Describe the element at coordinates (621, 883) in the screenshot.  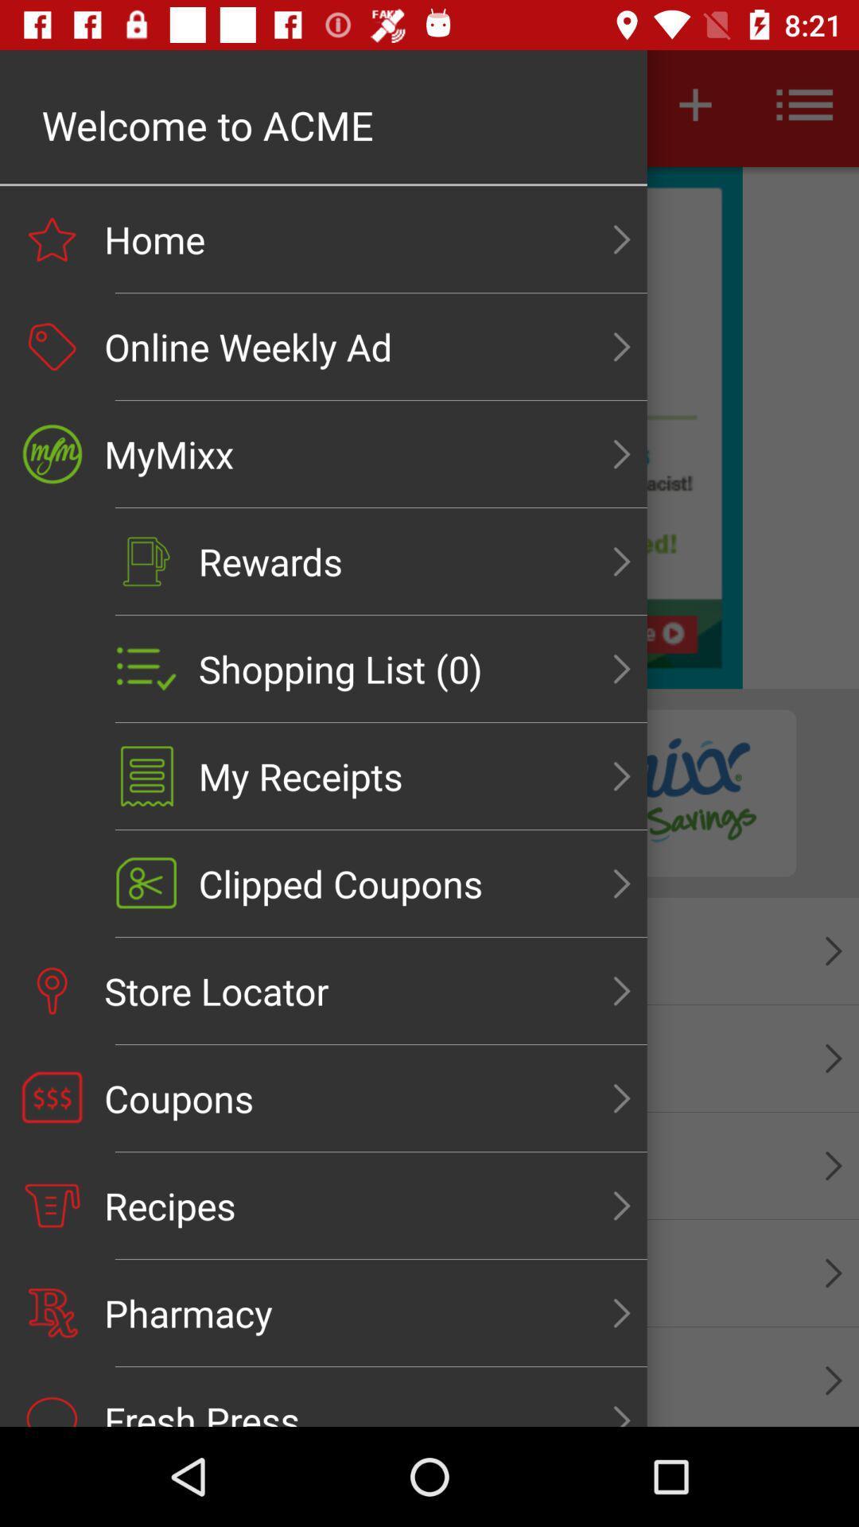
I see `the seventh right scroll` at that location.